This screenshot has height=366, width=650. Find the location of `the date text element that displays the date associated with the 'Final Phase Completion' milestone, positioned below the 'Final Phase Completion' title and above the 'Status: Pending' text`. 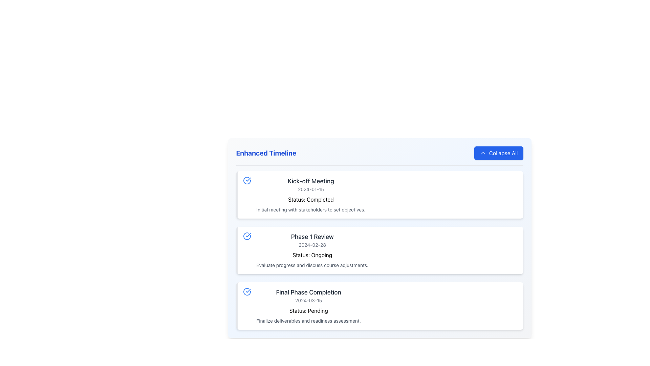

the date text element that displays the date associated with the 'Final Phase Completion' milestone, positioned below the 'Final Phase Completion' title and above the 'Status: Pending' text is located at coordinates (308, 300).